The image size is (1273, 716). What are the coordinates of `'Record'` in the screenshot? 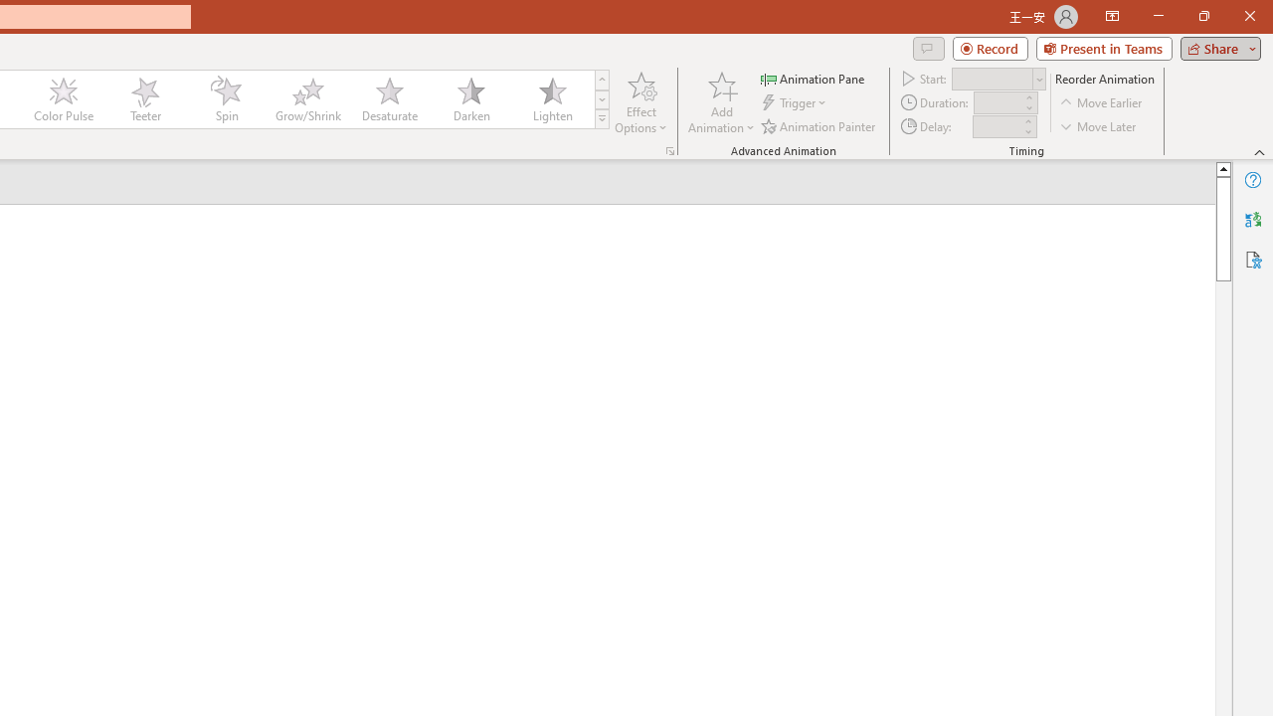 It's located at (990, 47).